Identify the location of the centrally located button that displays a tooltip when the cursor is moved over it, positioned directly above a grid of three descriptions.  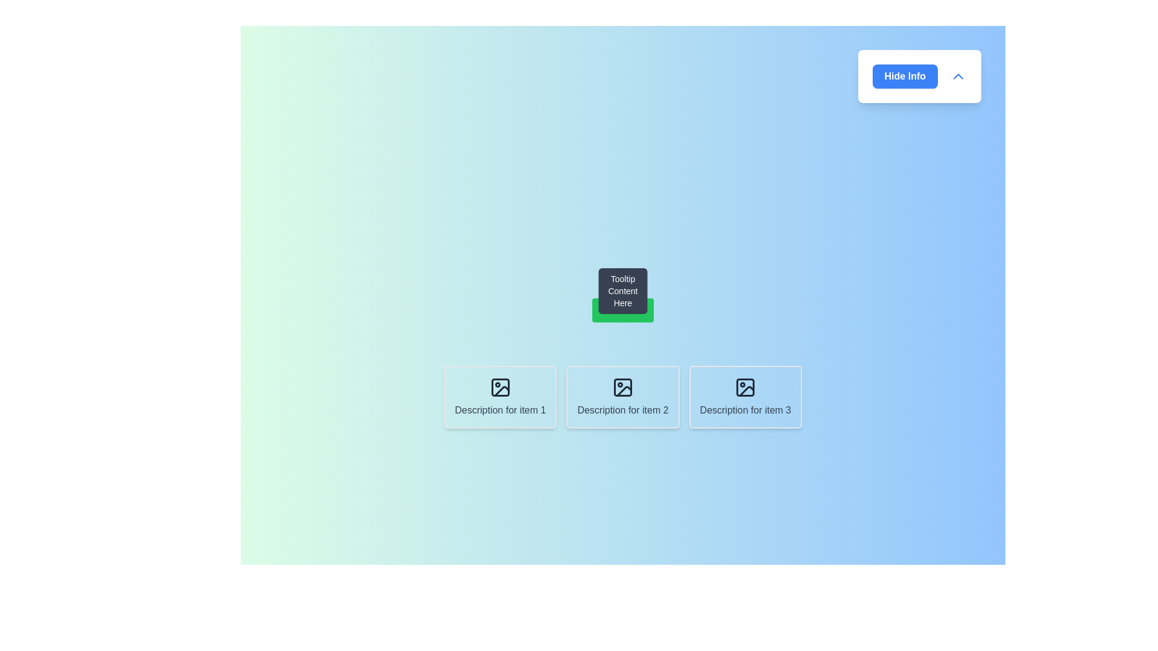
(622, 310).